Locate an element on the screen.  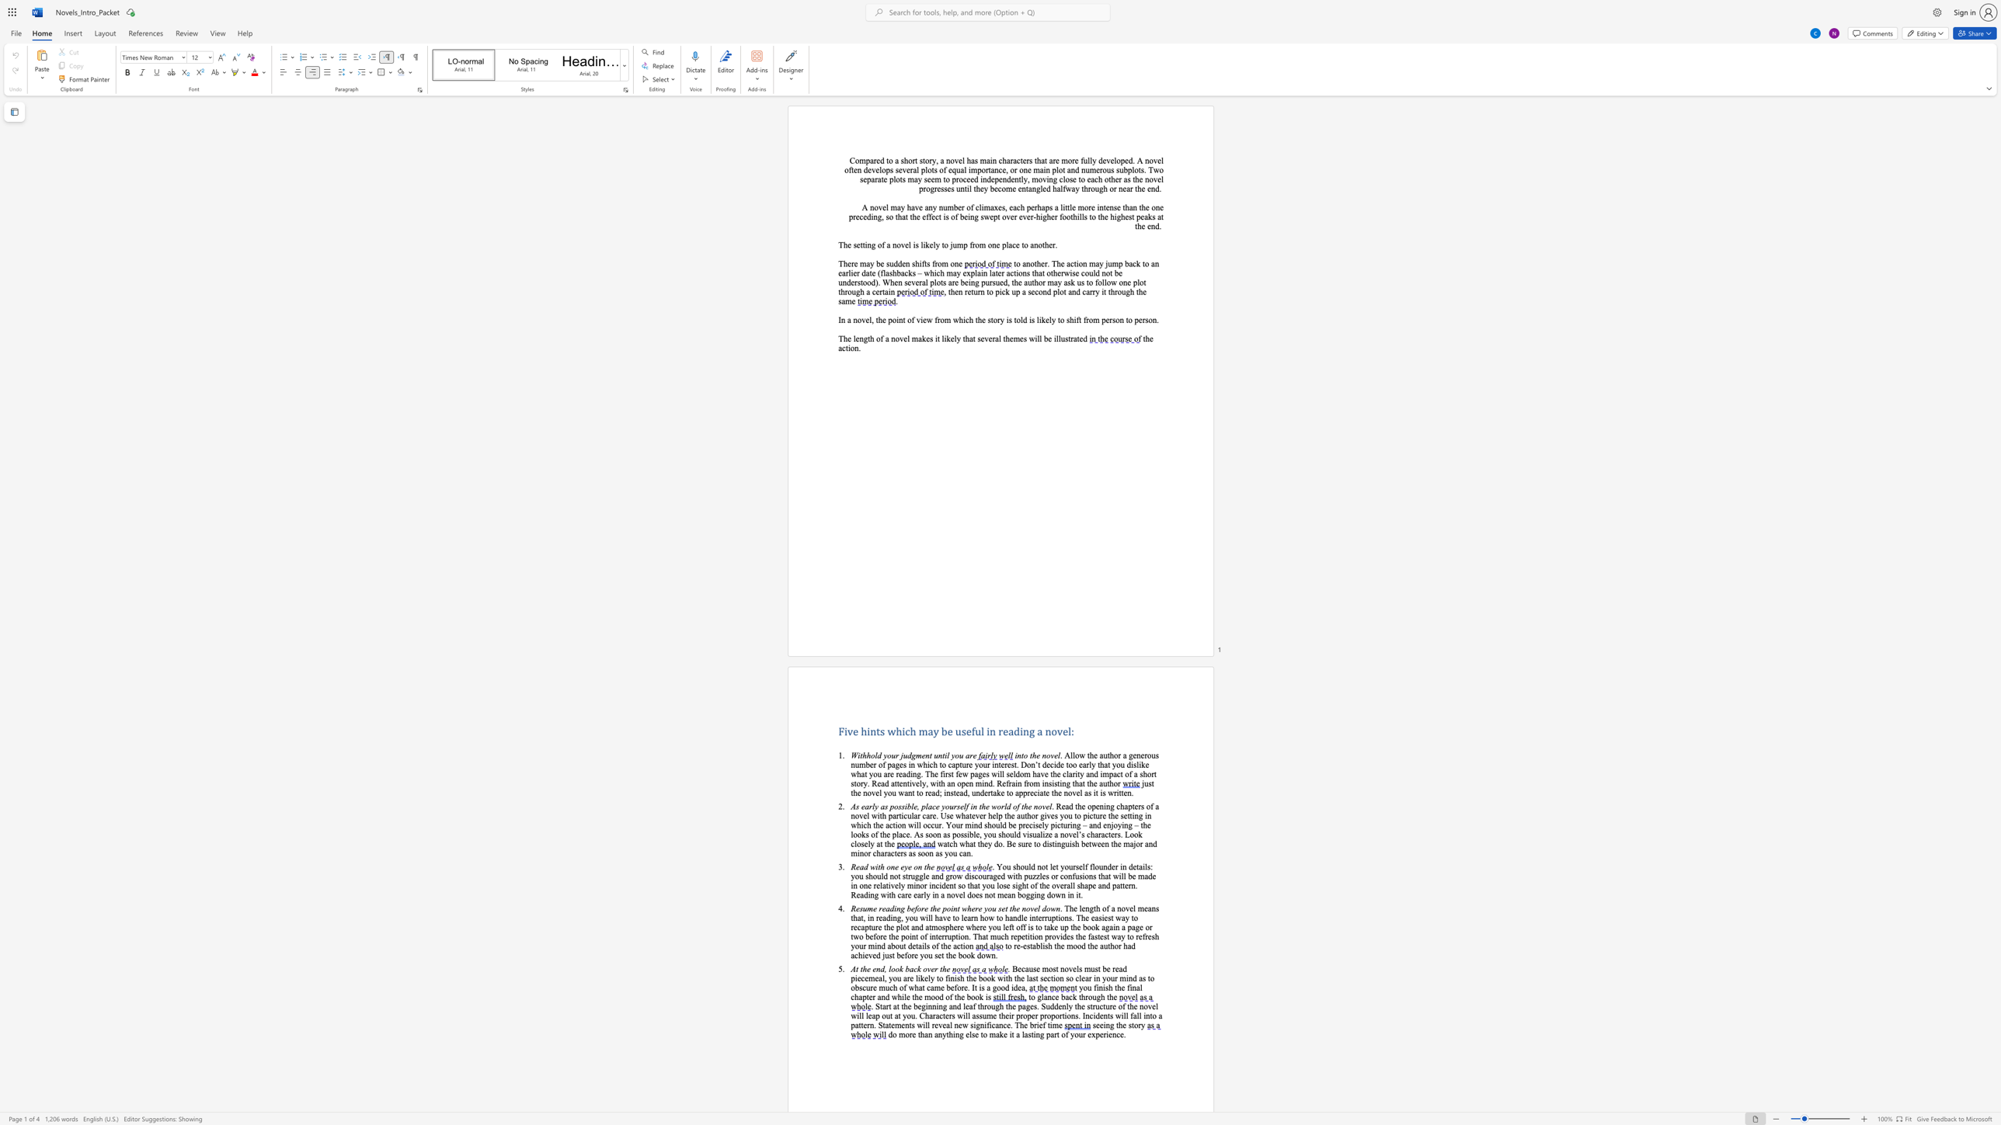
the subset text "r. The action may jump back to an earlier date (flashbacks – which may explain later actions that otherwise could not be understood). When several plots a" within the text "to another. The action may jump back to an earlier date (flashbacks – which may explain later actions that otherwise could not be understood). When several plots are being pursued, the author may ask us to follow one plot through a certain" is located at coordinates (1044, 263).